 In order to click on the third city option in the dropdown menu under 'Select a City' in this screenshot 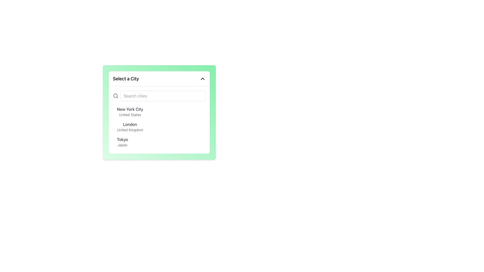, I will do `click(122, 142)`.